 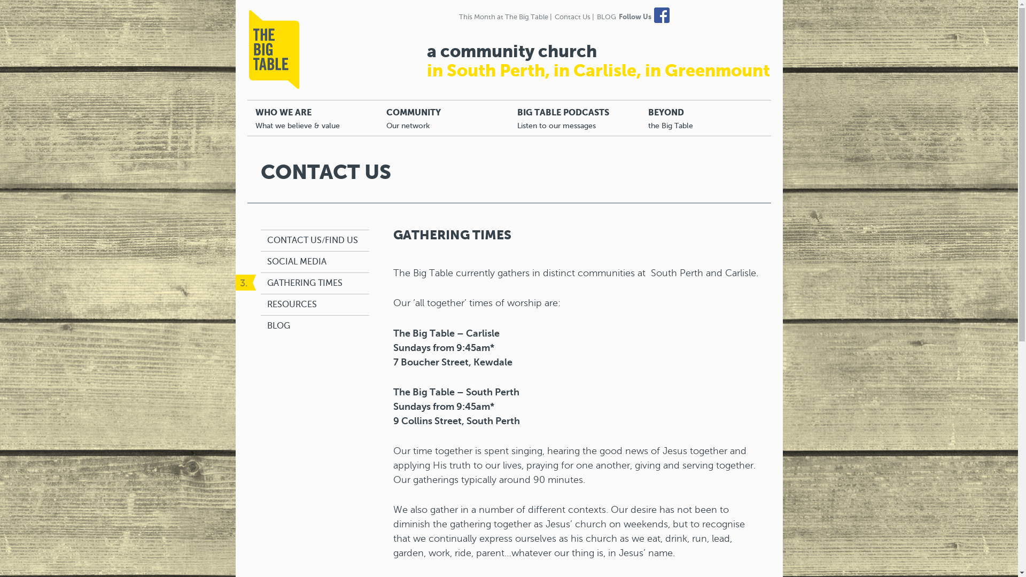 I want to click on 'Skip to primary content', so click(x=298, y=105).